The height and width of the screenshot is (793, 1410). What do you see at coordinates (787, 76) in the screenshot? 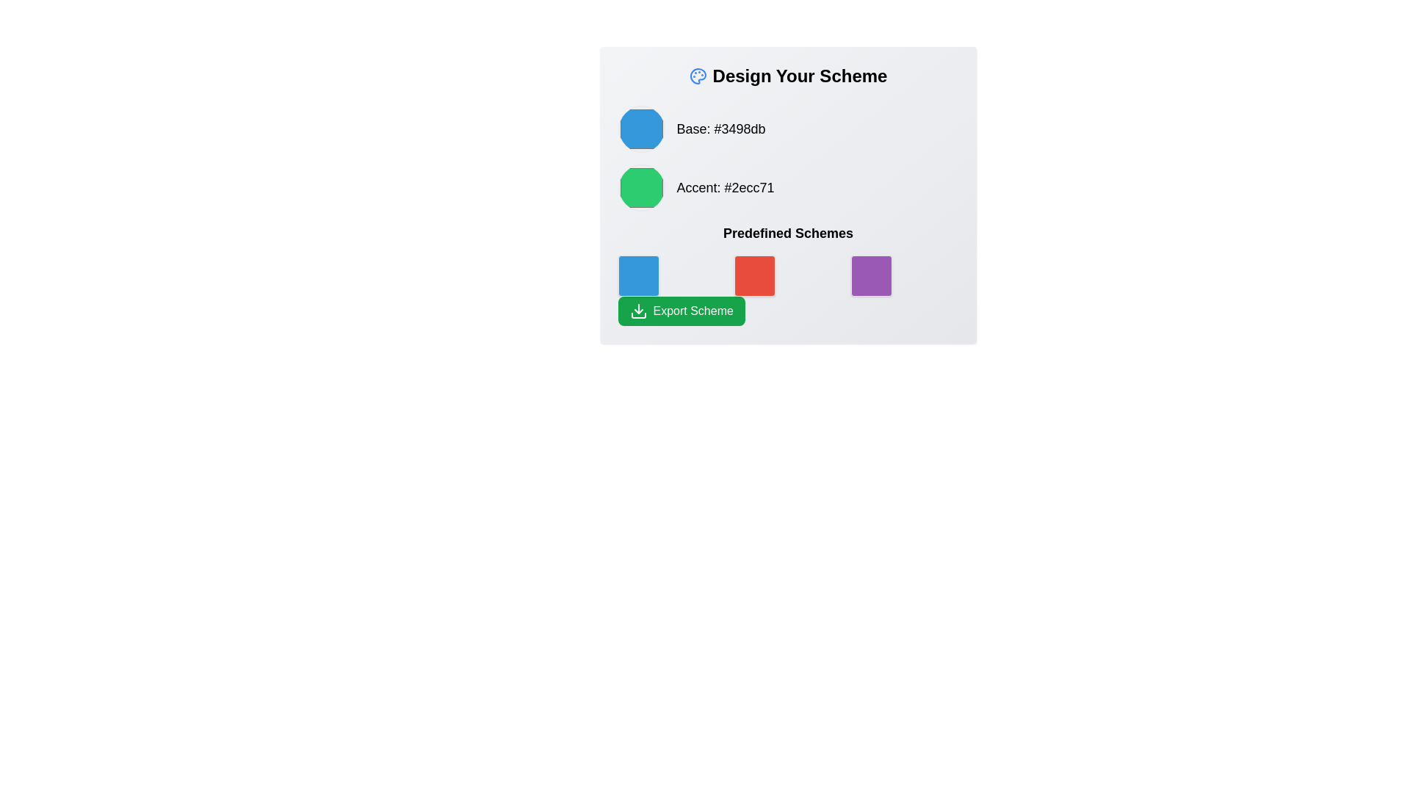
I see `the header element at the top of the panel, which serves as a title for the section related to designing a scheme` at bounding box center [787, 76].